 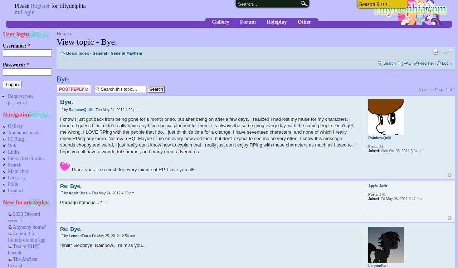 What do you see at coordinates (22, 6) in the screenshot?
I see `'Please'` at bounding box center [22, 6].